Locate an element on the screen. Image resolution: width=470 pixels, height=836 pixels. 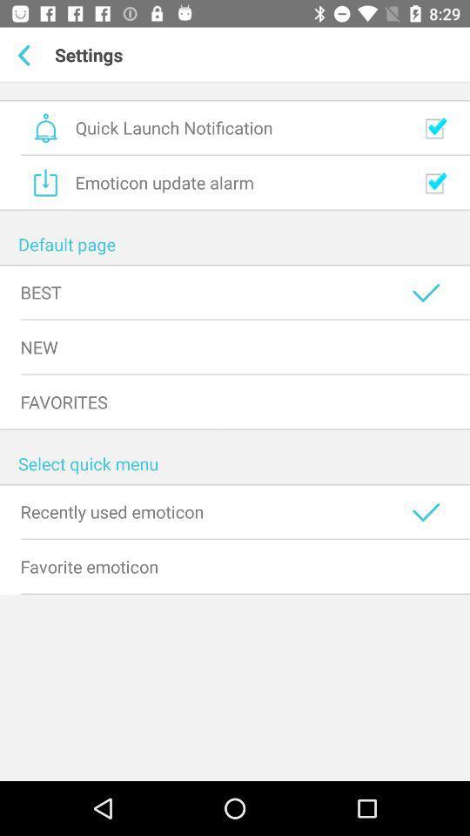
go back is located at coordinates (26, 55).